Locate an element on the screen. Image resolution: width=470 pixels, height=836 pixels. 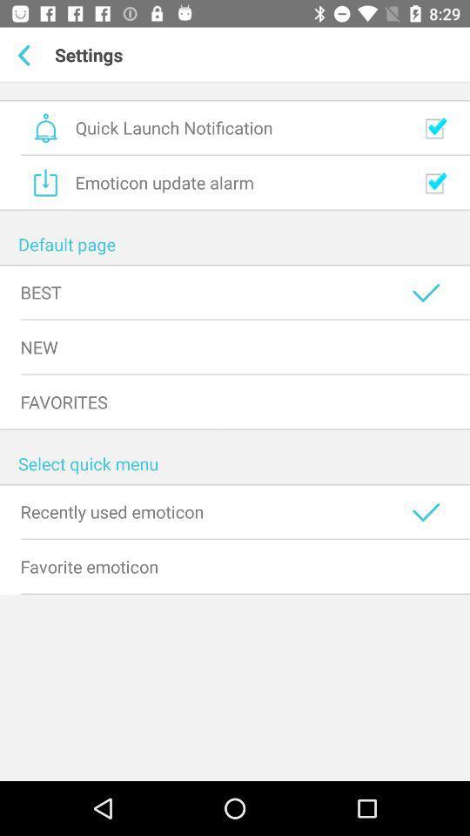
go back is located at coordinates (26, 55).